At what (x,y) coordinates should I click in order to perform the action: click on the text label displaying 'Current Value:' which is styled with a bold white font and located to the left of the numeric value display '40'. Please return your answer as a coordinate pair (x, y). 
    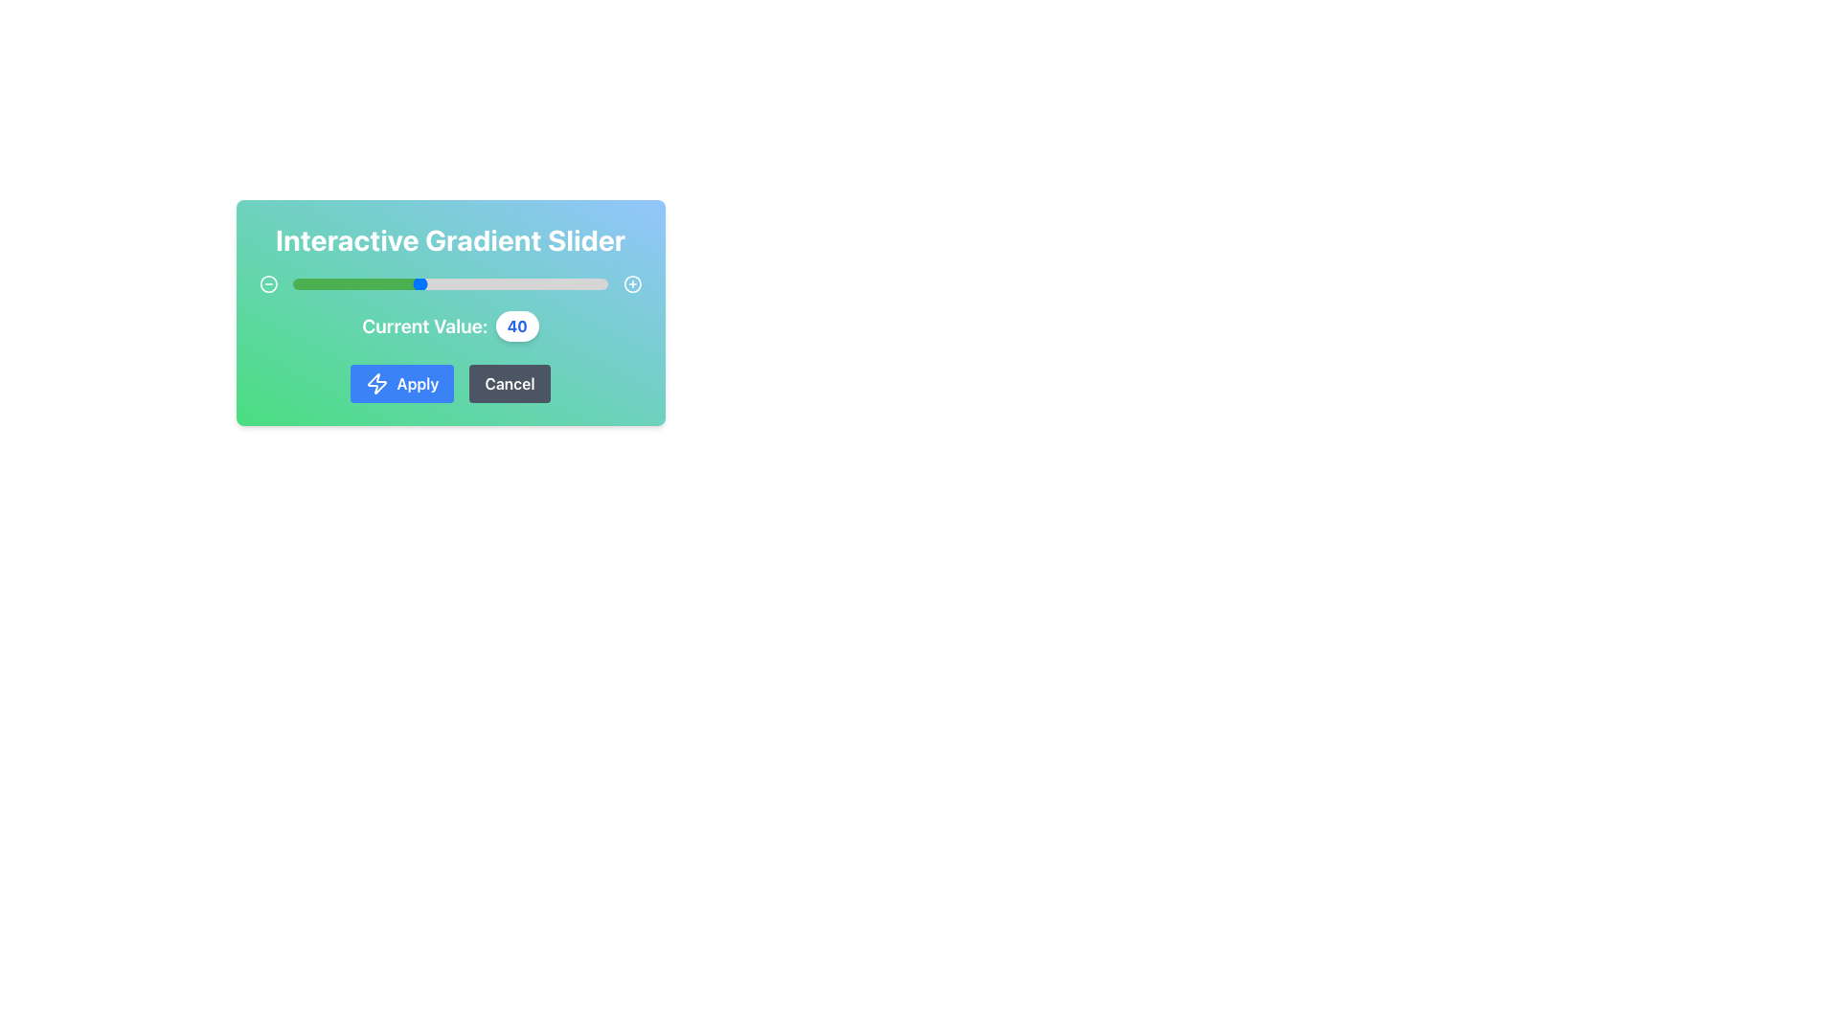
    Looking at the image, I should click on (423, 325).